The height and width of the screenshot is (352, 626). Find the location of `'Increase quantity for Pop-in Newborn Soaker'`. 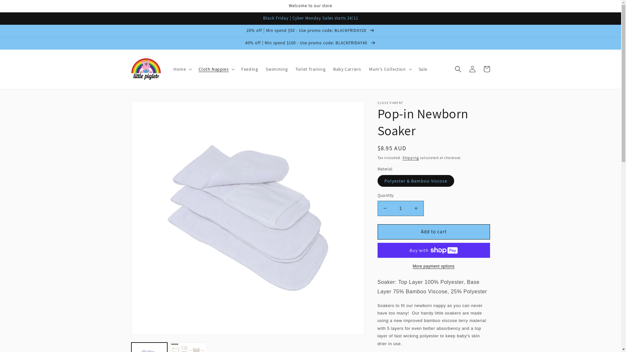

'Increase quantity for Pop-in Newborn Soaker' is located at coordinates (416, 208).